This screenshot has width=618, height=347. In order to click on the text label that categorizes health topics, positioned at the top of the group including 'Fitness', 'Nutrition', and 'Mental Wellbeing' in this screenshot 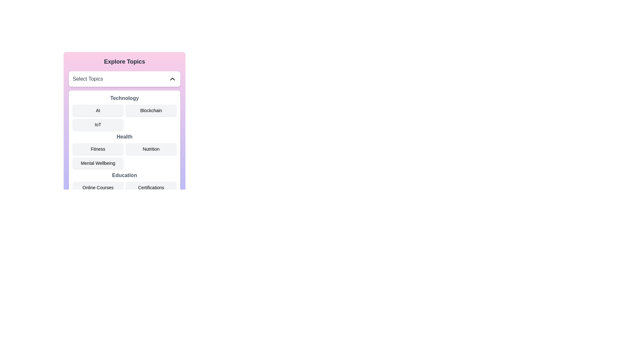, I will do `click(125, 136)`.